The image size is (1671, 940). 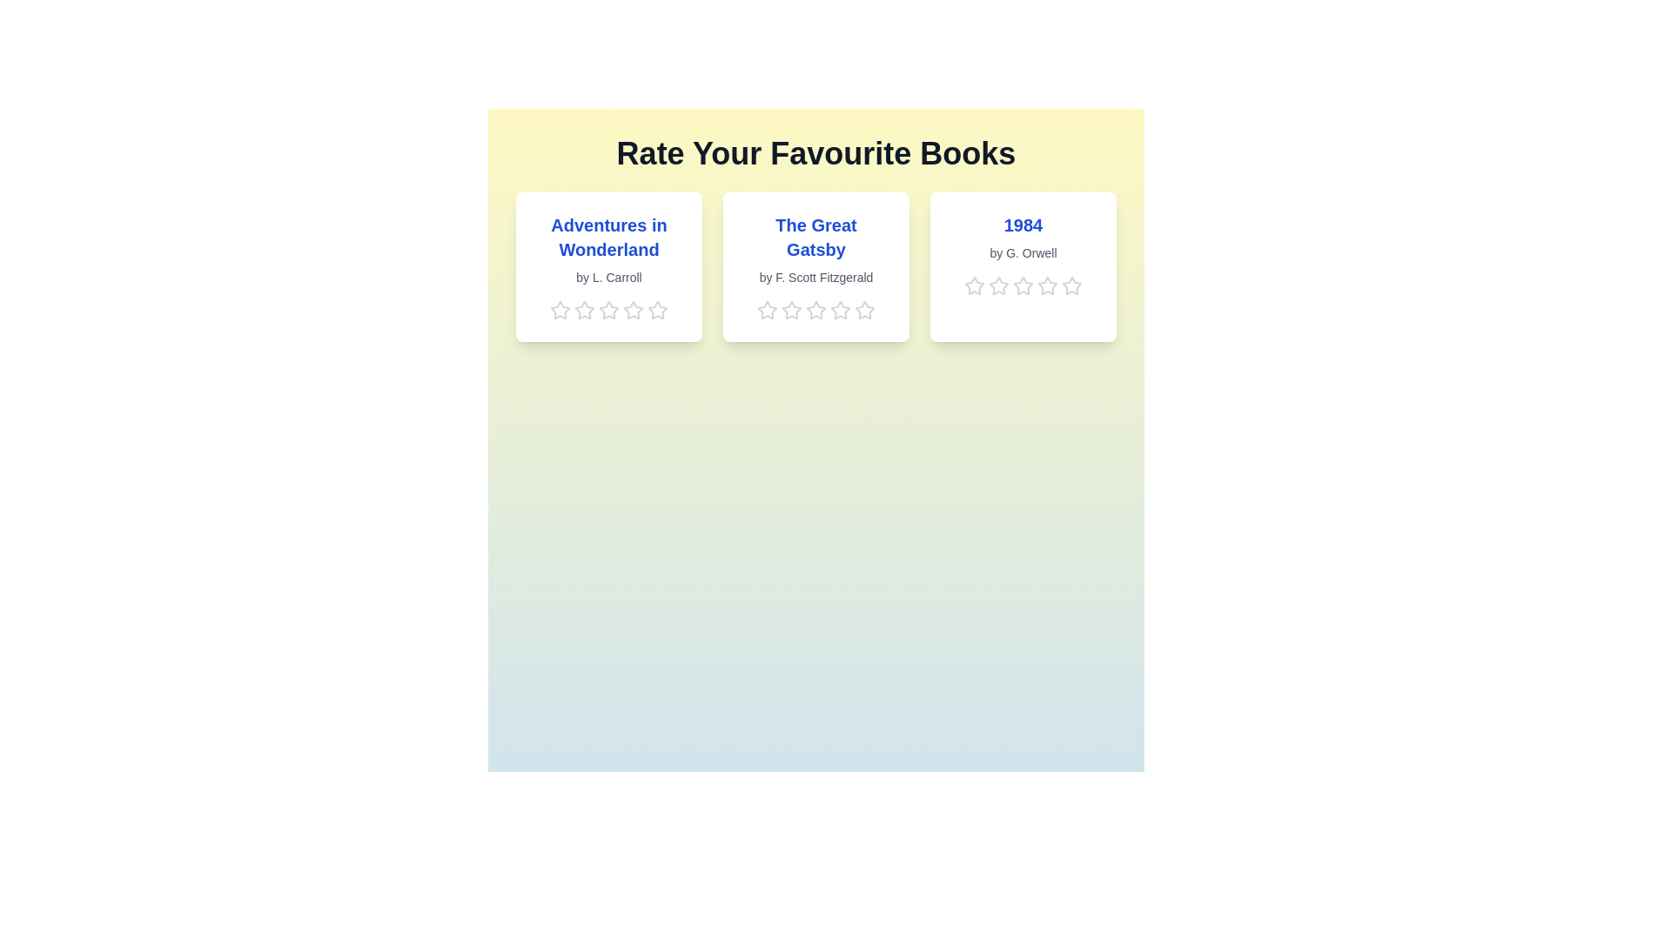 I want to click on the 2 star for the book titled '1984', so click(x=998, y=285).